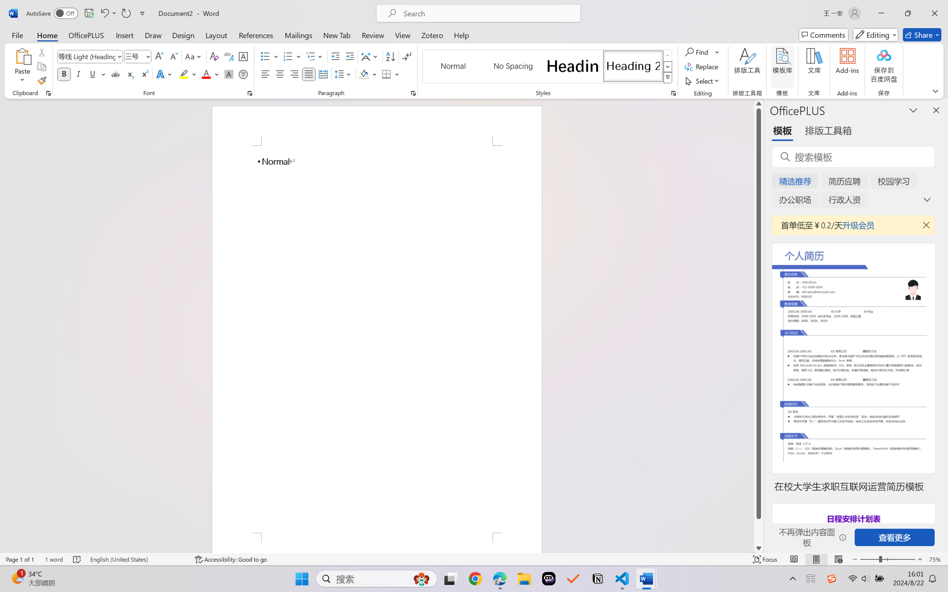  Describe the element at coordinates (337, 34) in the screenshot. I see `'New Tab'` at that location.